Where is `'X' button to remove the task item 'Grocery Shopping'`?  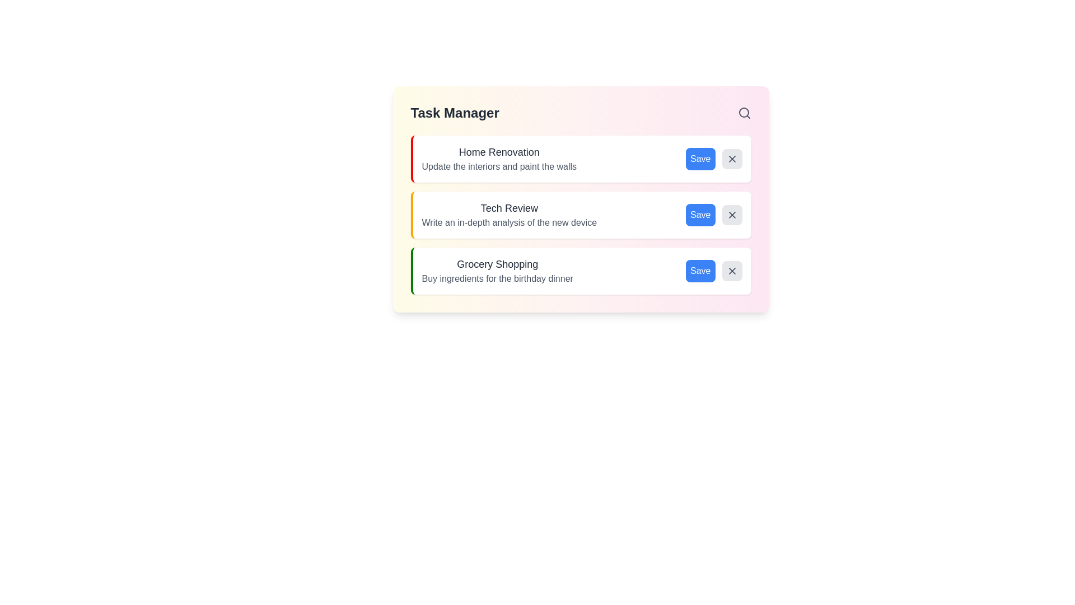 'X' button to remove the task item 'Grocery Shopping' is located at coordinates (732, 271).